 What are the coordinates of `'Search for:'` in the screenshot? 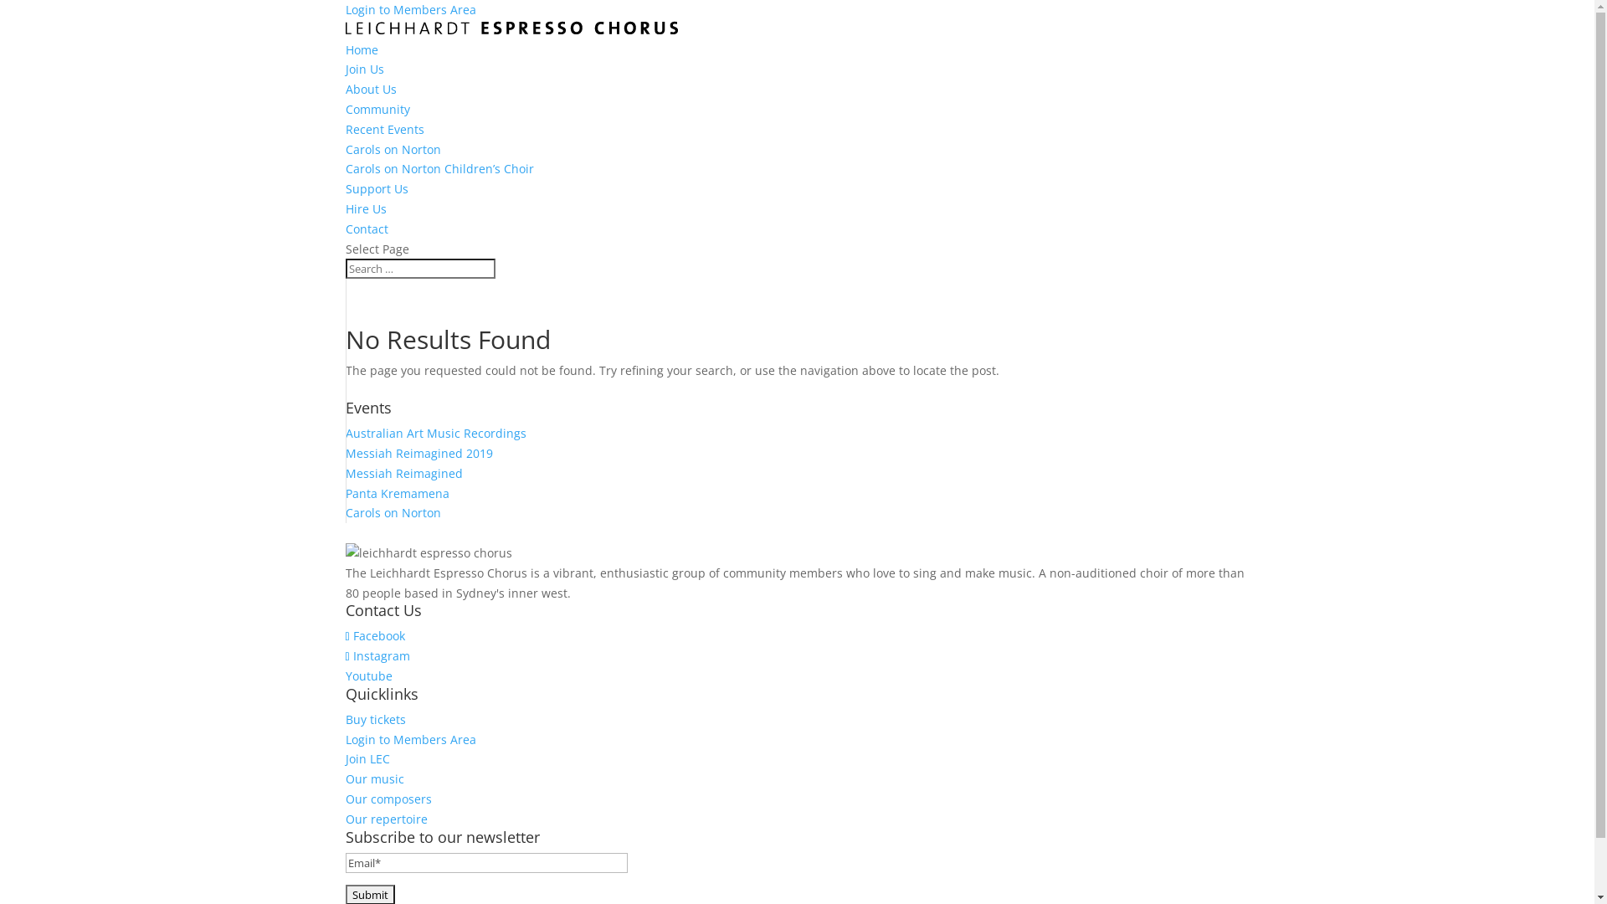 It's located at (344, 267).